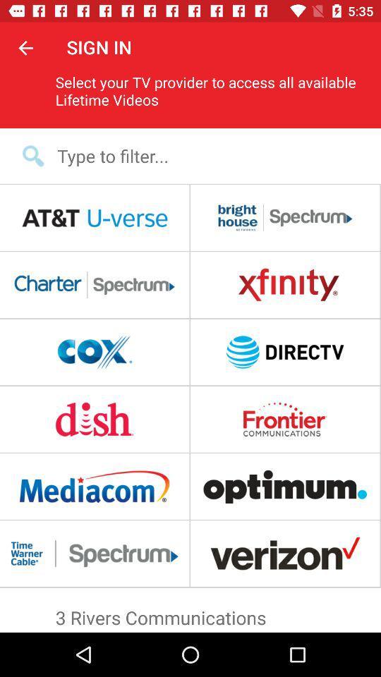 Image resolution: width=381 pixels, height=677 pixels. Describe the element at coordinates (199, 156) in the screenshot. I see `type words to filter` at that location.